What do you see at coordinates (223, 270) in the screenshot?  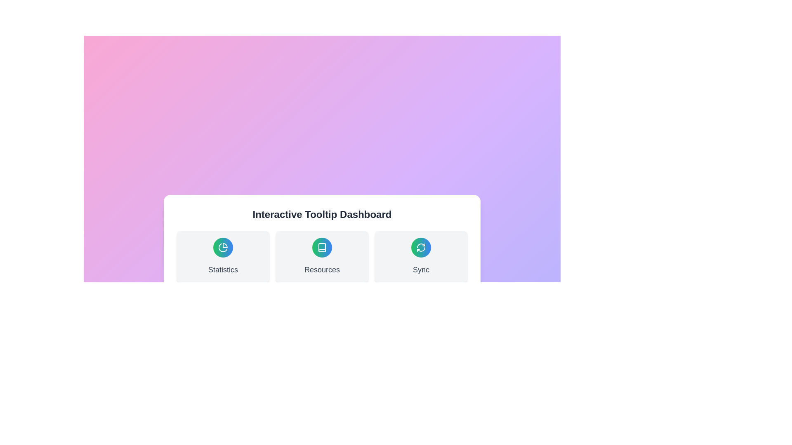 I see `the text label located at the bottom center of the card, which provides descriptive context about the associated card's content, to trigger potential tooltips` at bounding box center [223, 270].